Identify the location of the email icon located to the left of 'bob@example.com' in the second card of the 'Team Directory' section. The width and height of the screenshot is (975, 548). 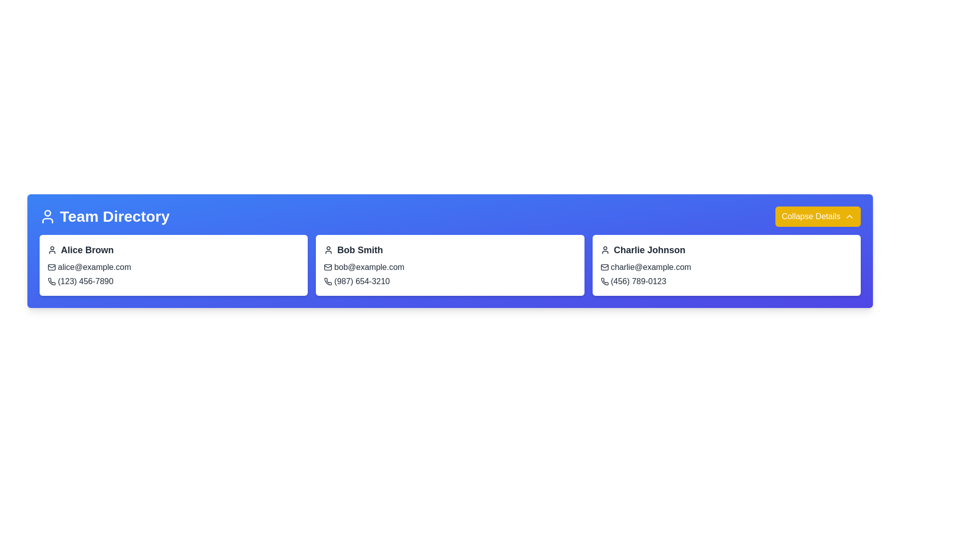
(328, 267).